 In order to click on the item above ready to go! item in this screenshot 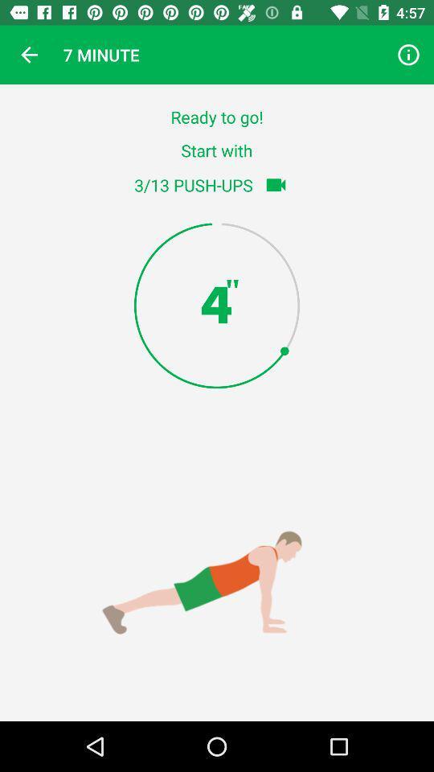, I will do `click(29, 55)`.